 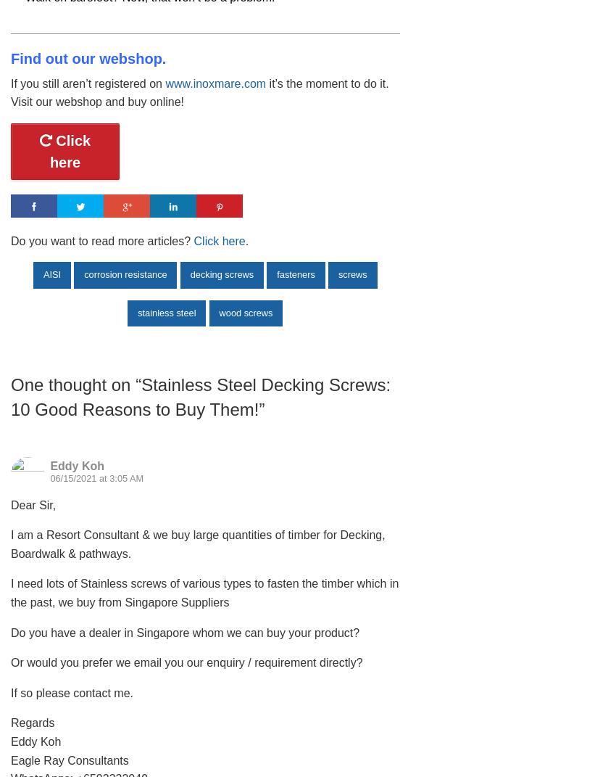 I want to click on 'Find out our webshop.', so click(x=87, y=58).